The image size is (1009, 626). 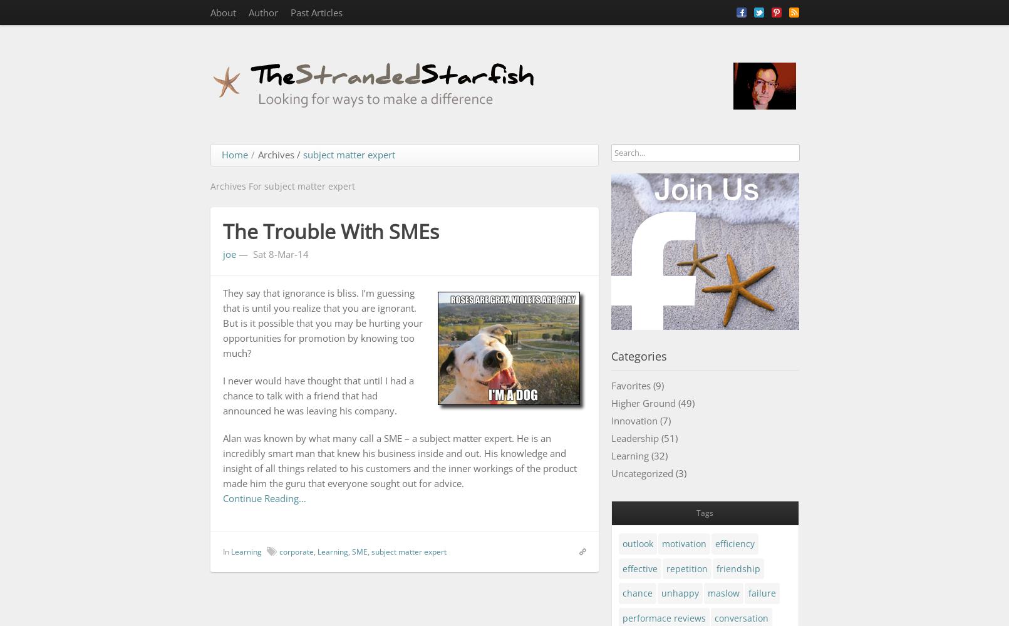 I want to click on 'chance', so click(x=637, y=592).